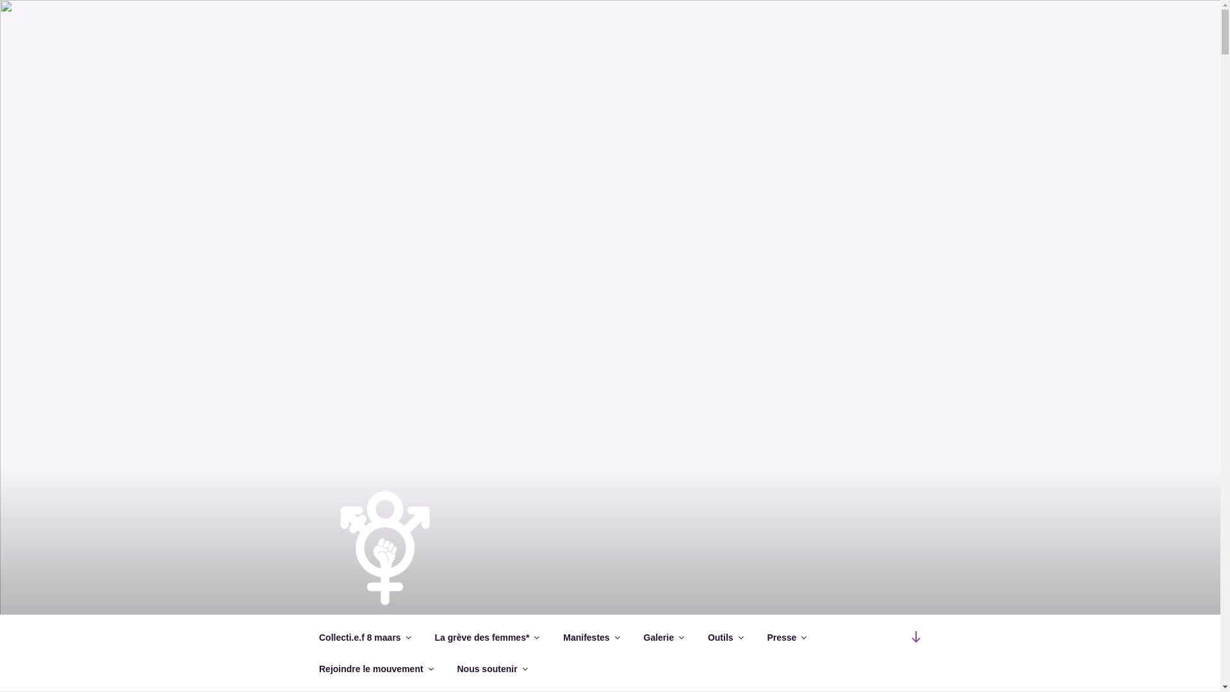 This screenshot has width=1230, height=692. What do you see at coordinates (756, 637) in the screenshot?
I see `'Presse'` at bounding box center [756, 637].